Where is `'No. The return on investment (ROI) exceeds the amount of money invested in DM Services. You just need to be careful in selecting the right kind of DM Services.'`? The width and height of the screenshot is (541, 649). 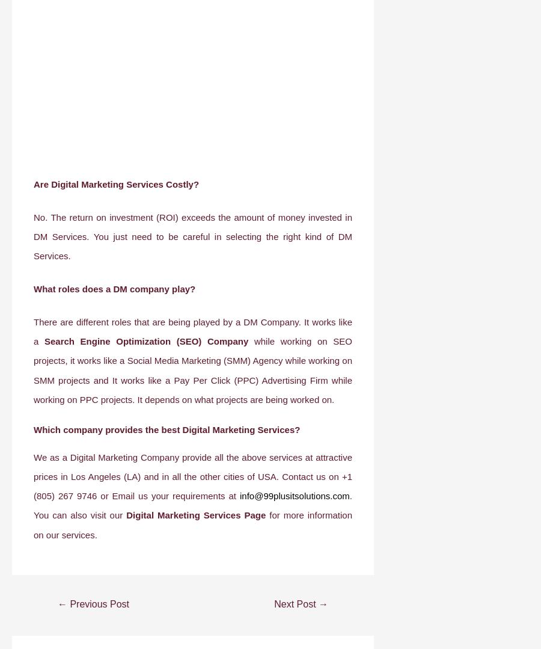
'No. The return on investment (ROI) exceeds the amount of money invested in DM Services. You just need to be careful in selecting the right kind of DM Services.' is located at coordinates (32, 235).